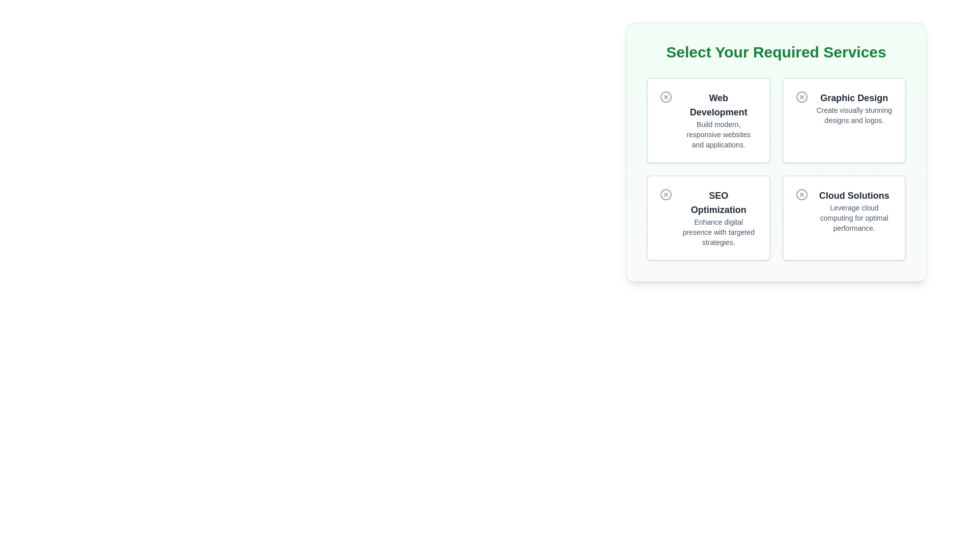 This screenshot has height=549, width=977. Describe the element at coordinates (854, 115) in the screenshot. I see `the static text that reads 'Create visually stunning designs and logos.', which is located under the title 'Graphic Design' in the upper-right quadrant of the service selection panel` at that location.